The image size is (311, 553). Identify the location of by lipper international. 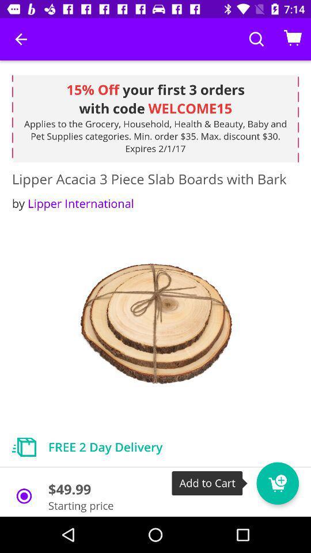
(73, 203).